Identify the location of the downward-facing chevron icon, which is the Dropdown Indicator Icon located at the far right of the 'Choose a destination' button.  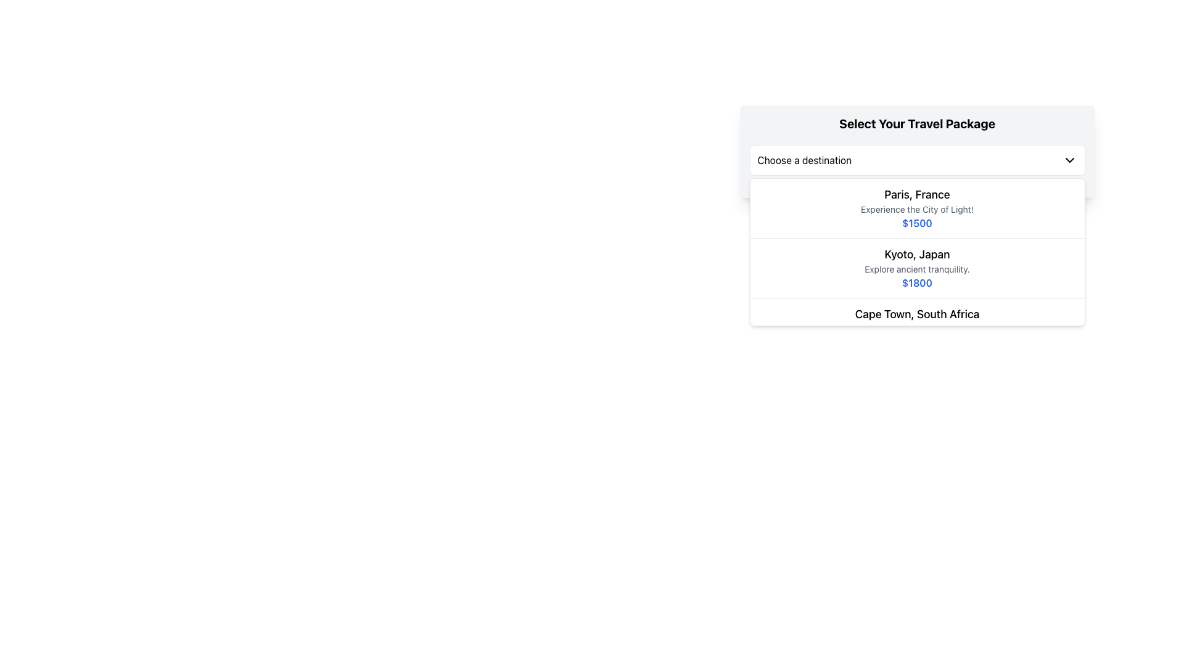
(1069, 159).